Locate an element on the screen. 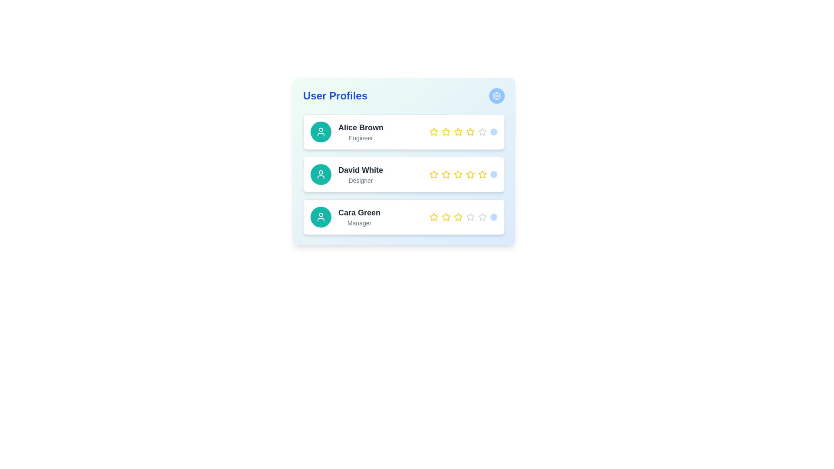 The height and width of the screenshot is (469, 834). the individual star in the rating system for user 'Cara Green' to update the rating is located at coordinates (463, 217).